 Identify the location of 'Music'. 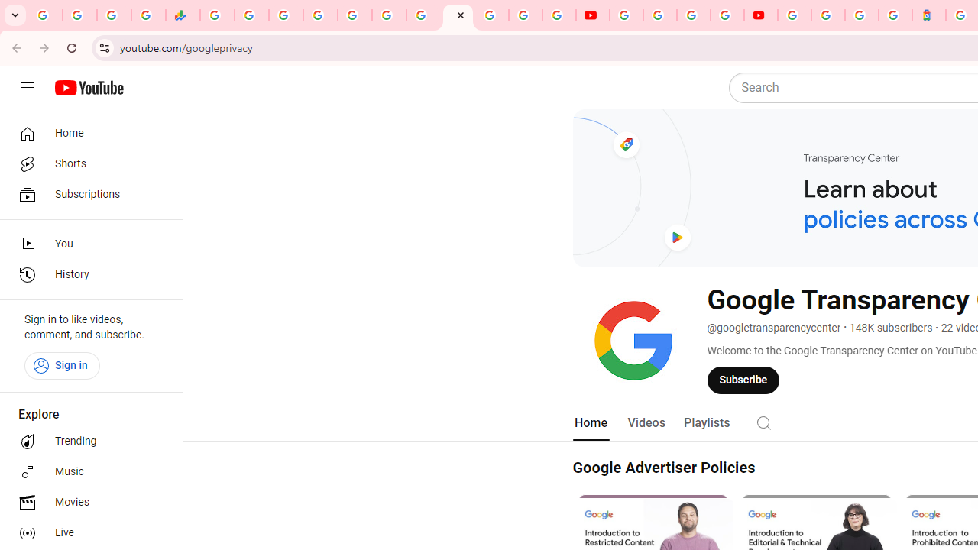
(86, 471).